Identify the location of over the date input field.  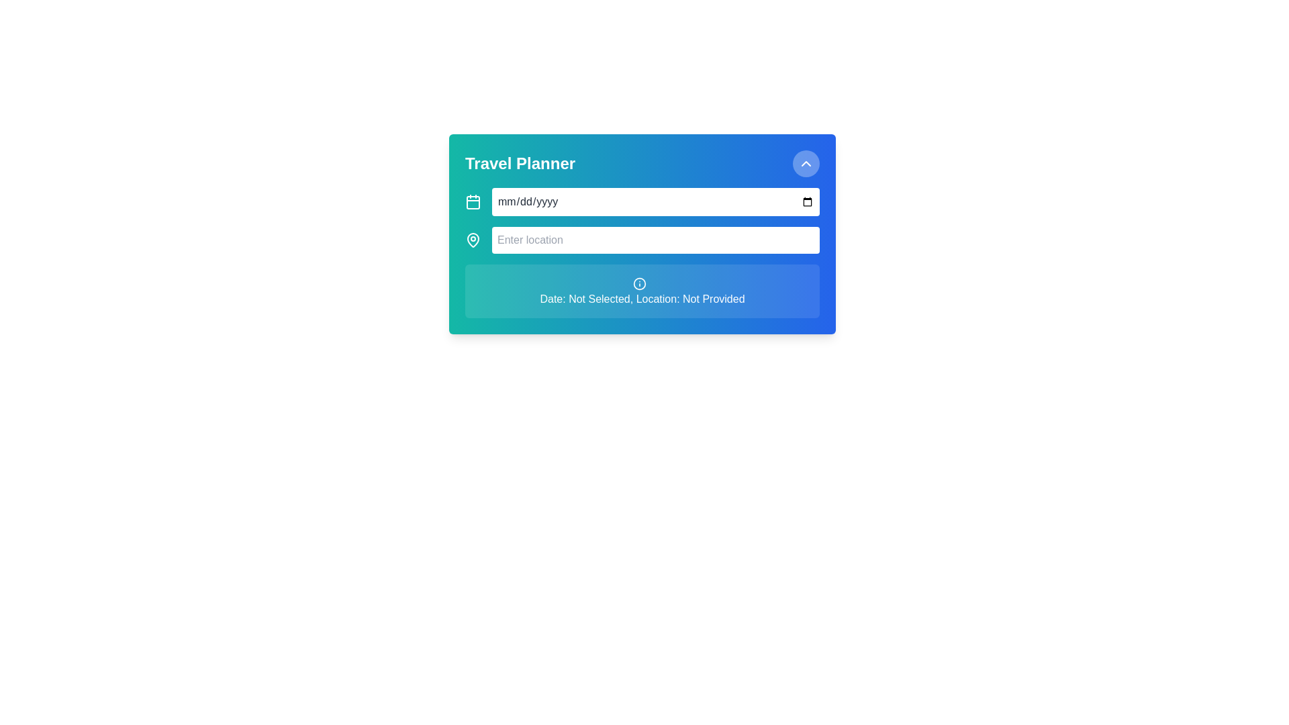
(656, 201).